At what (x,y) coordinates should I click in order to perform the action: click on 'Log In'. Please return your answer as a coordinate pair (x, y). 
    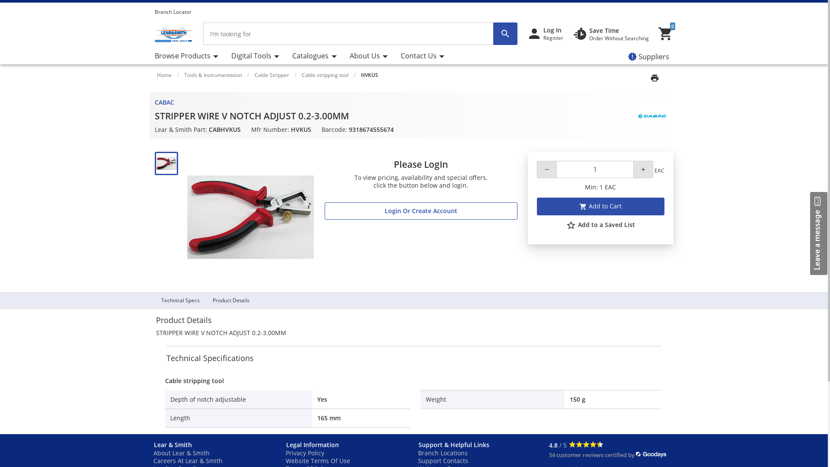
    Looking at the image, I should click on (551, 29).